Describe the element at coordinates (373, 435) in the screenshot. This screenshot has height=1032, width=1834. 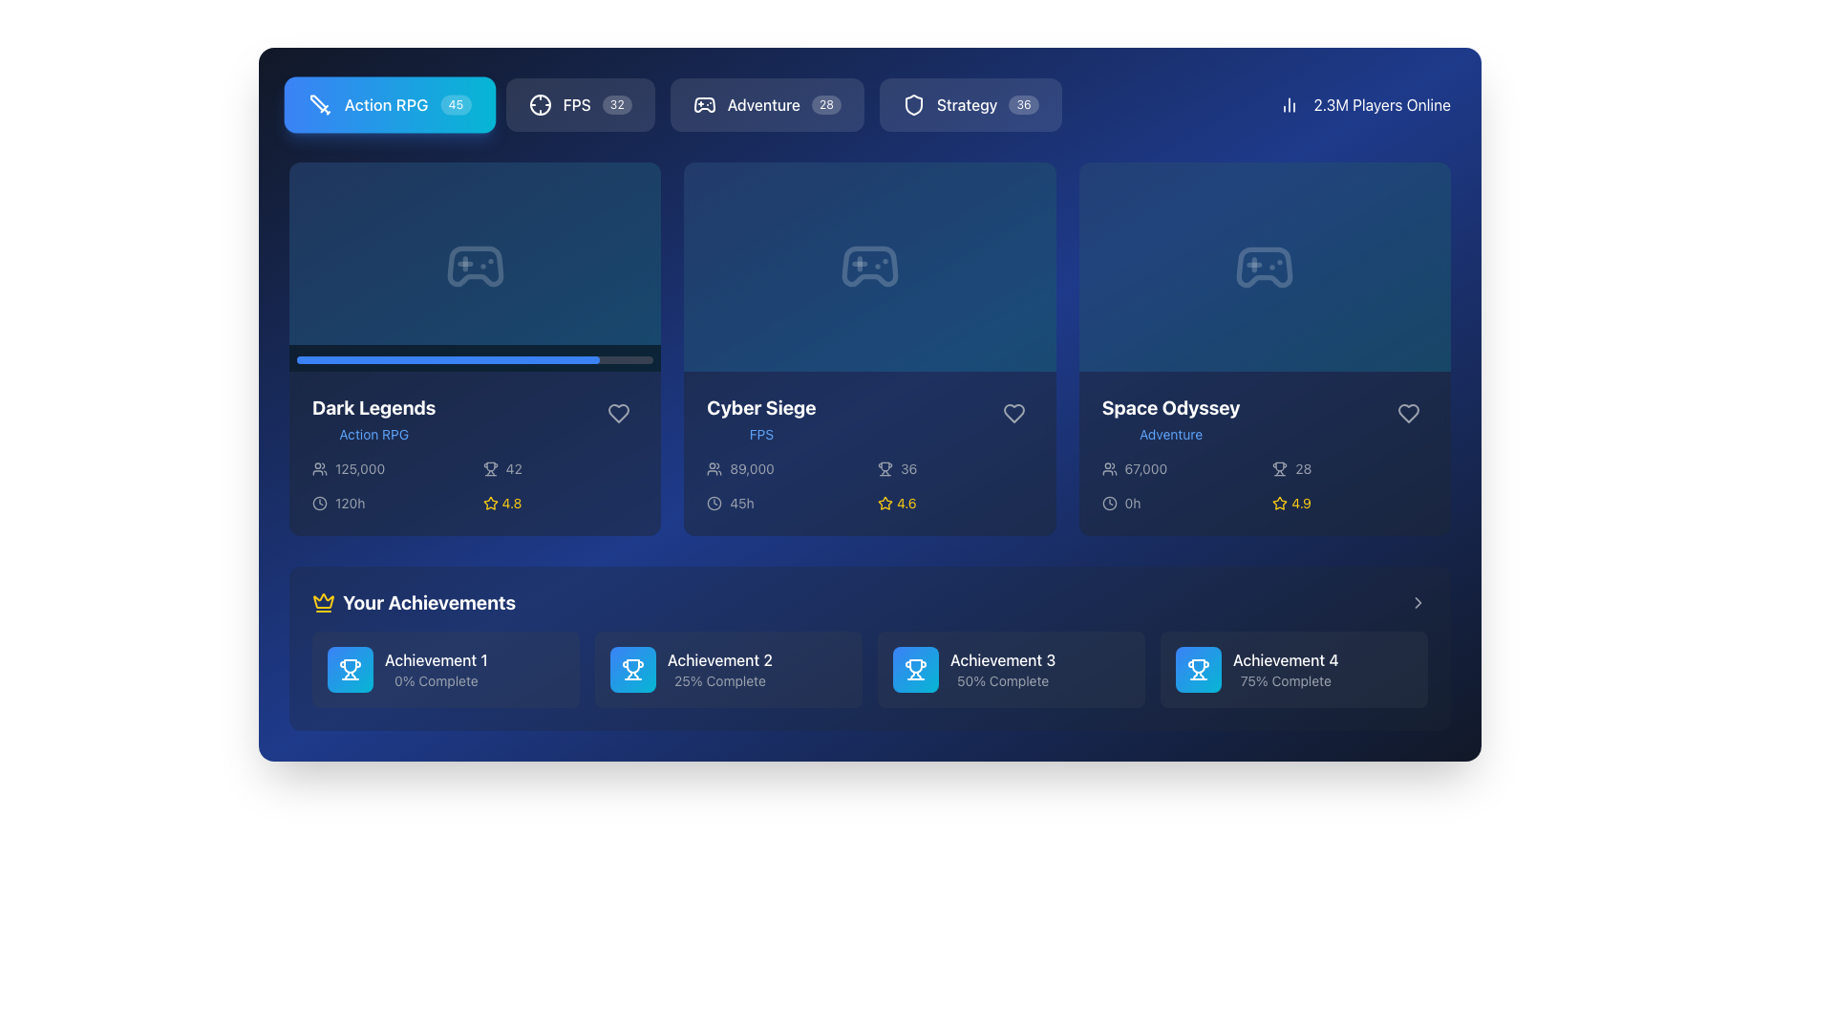
I see `the text label displaying 'Action RPG' in blue, located below the 'Dark Legends' header on the game card in the top-left section of the UI` at that location.